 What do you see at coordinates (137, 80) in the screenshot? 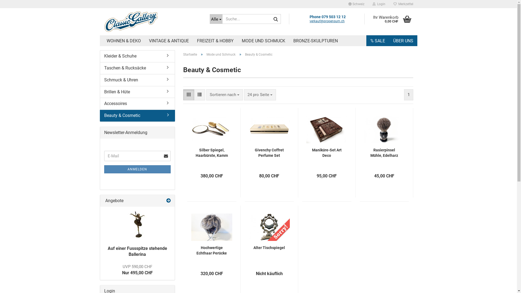
I see `'Schmuck & Uhren'` at bounding box center [137, 80].